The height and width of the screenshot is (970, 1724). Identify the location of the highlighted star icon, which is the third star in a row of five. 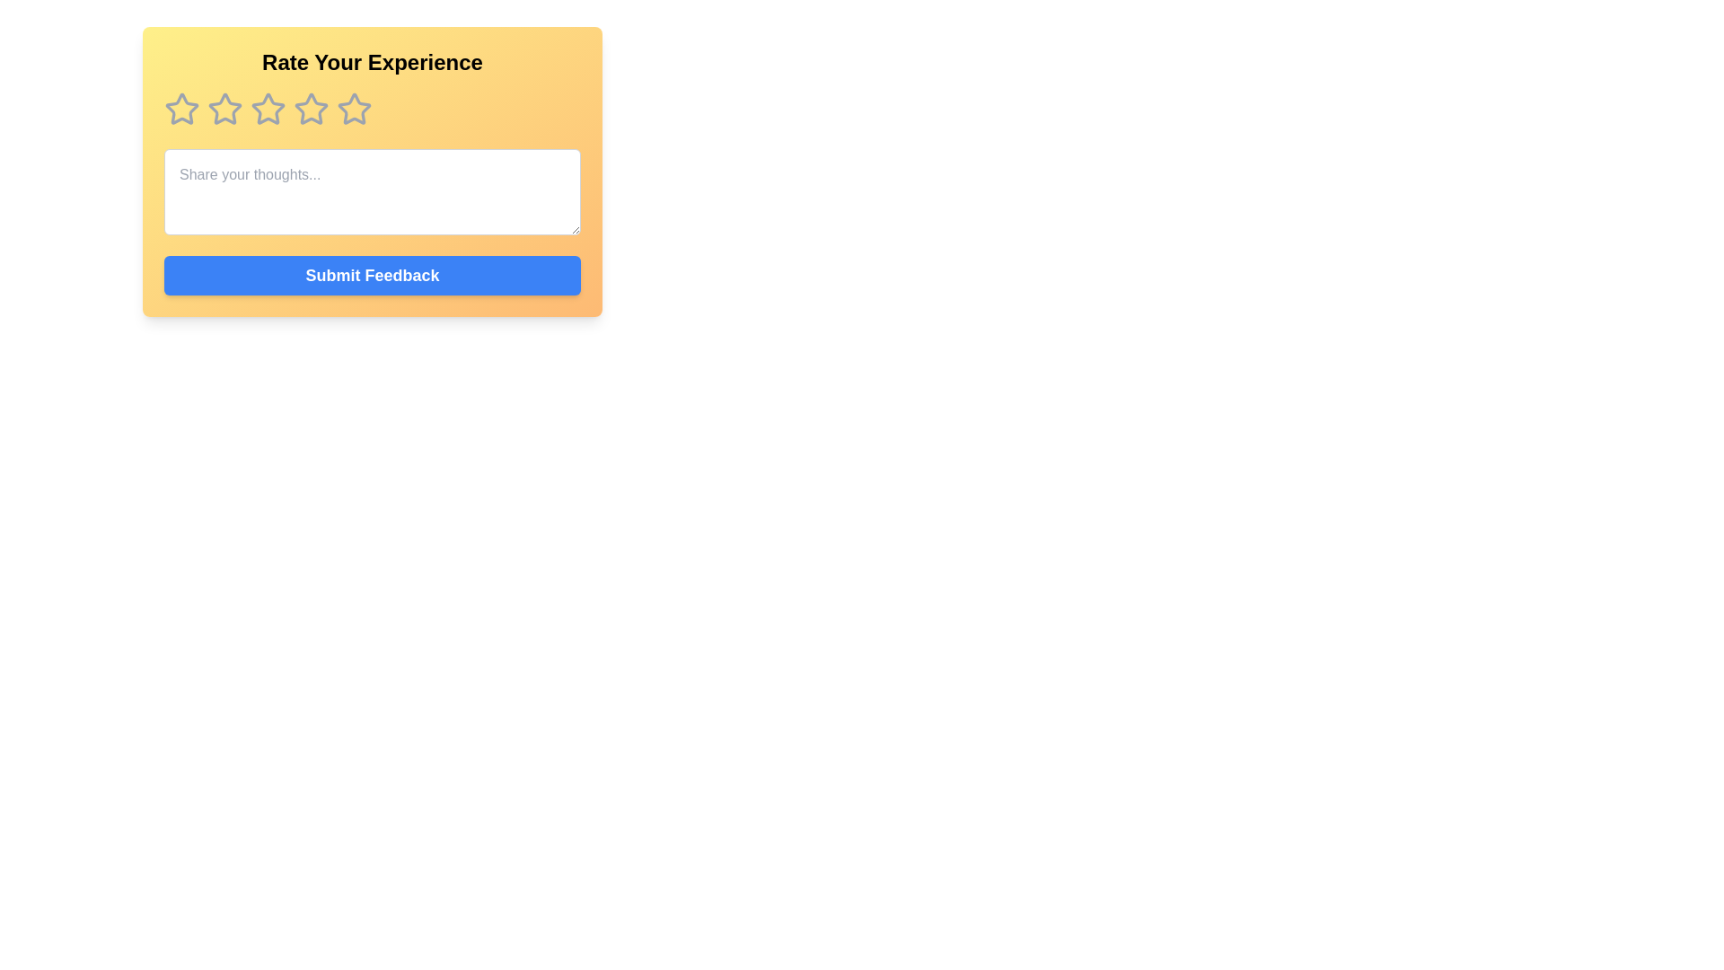
(310, 108).